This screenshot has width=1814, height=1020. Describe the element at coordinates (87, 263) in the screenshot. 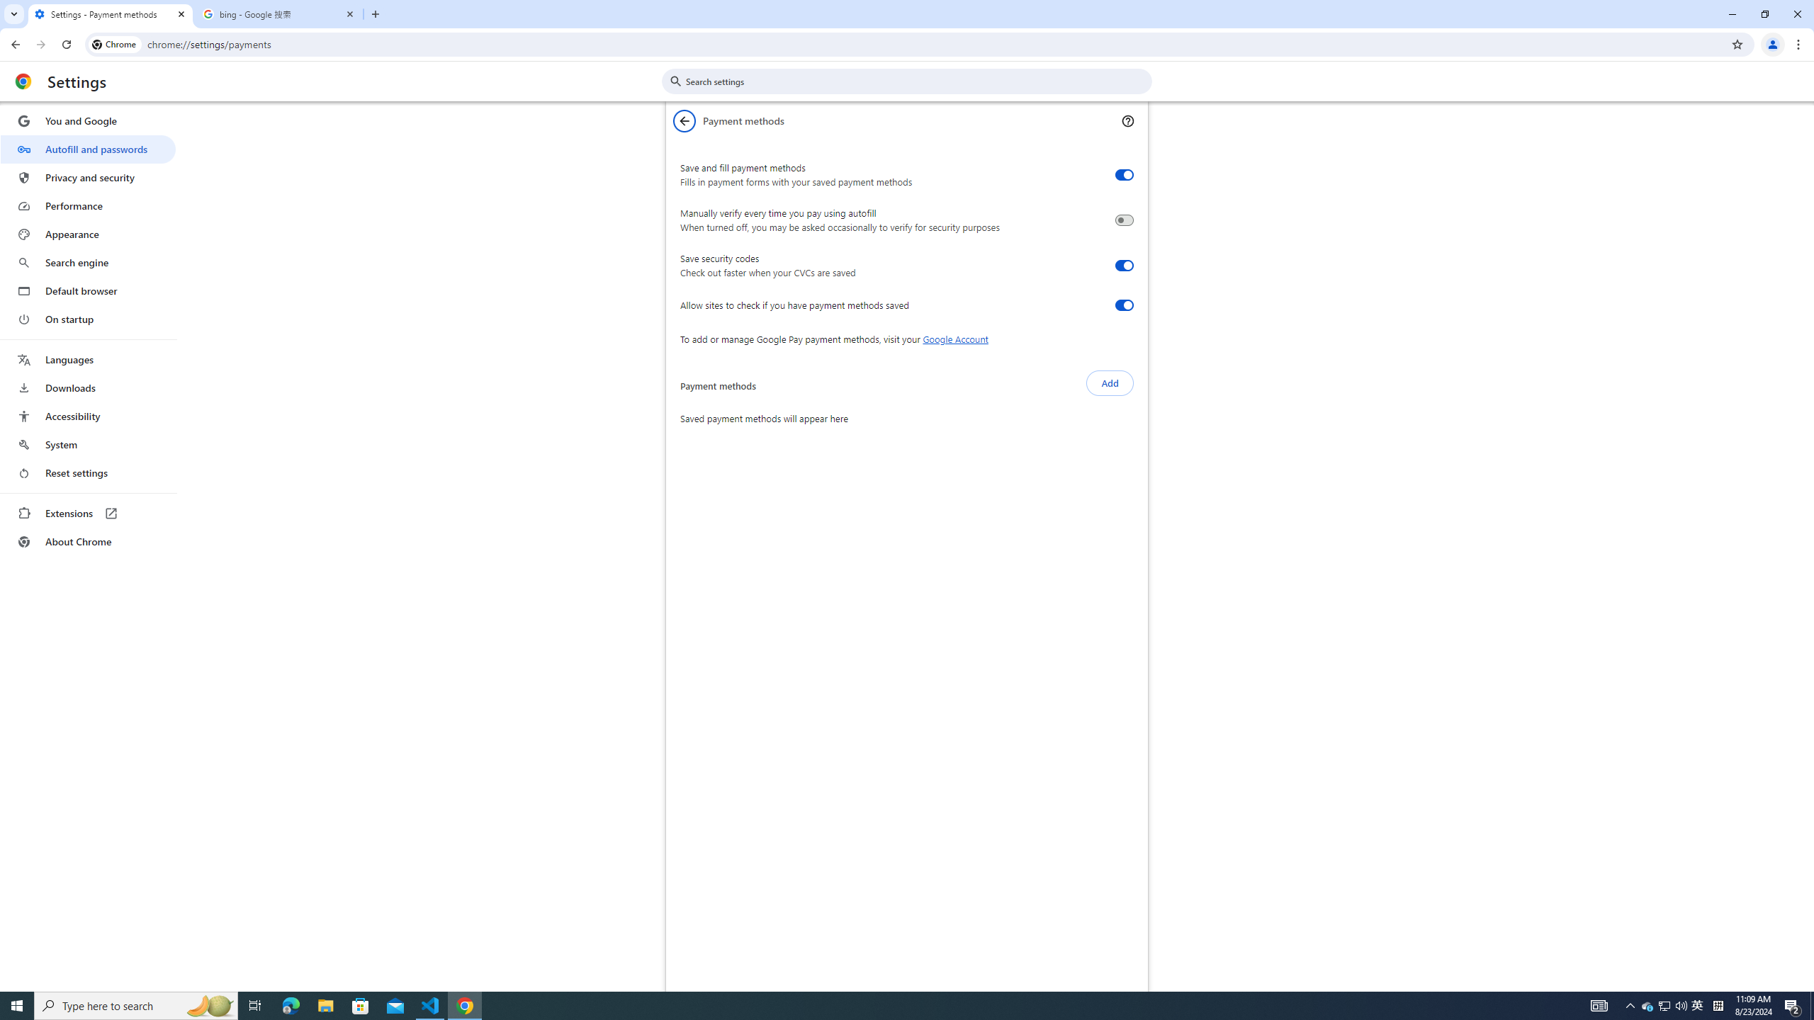

I see `'Search engine'` at that location.